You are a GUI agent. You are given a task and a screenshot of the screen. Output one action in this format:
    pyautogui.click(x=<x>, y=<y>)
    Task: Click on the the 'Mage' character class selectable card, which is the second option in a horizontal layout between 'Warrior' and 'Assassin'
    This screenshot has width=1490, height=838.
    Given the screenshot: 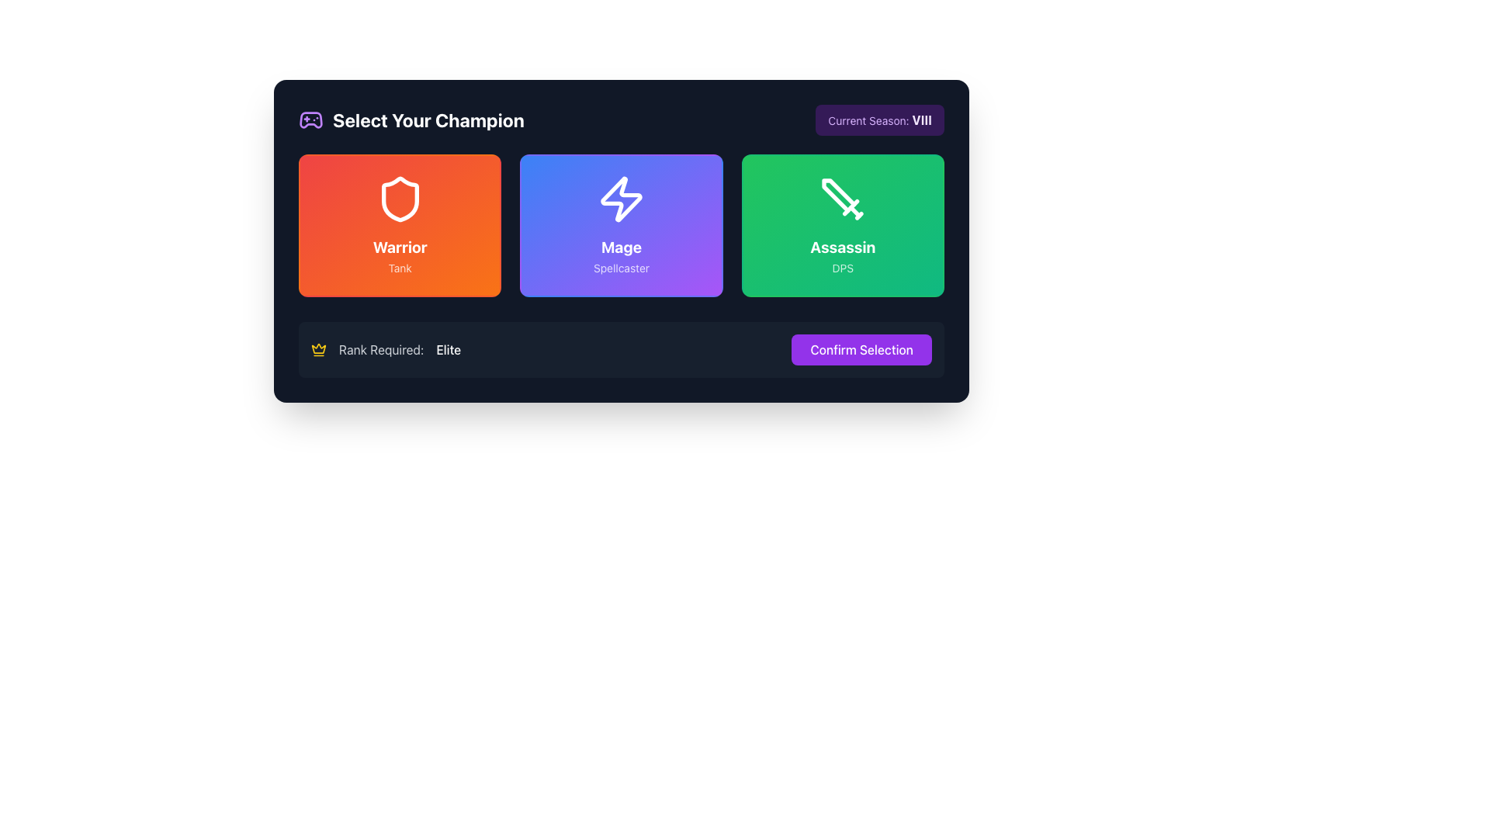 What is the action you would take?
    pyautogui.click(x=622, y=225)
    